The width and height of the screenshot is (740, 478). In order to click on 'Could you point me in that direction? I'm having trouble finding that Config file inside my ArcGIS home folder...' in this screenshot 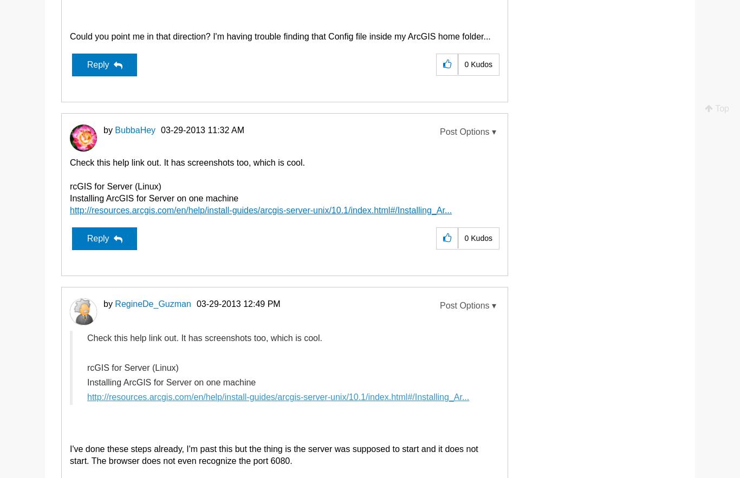, I will do `click(280, 35)`.